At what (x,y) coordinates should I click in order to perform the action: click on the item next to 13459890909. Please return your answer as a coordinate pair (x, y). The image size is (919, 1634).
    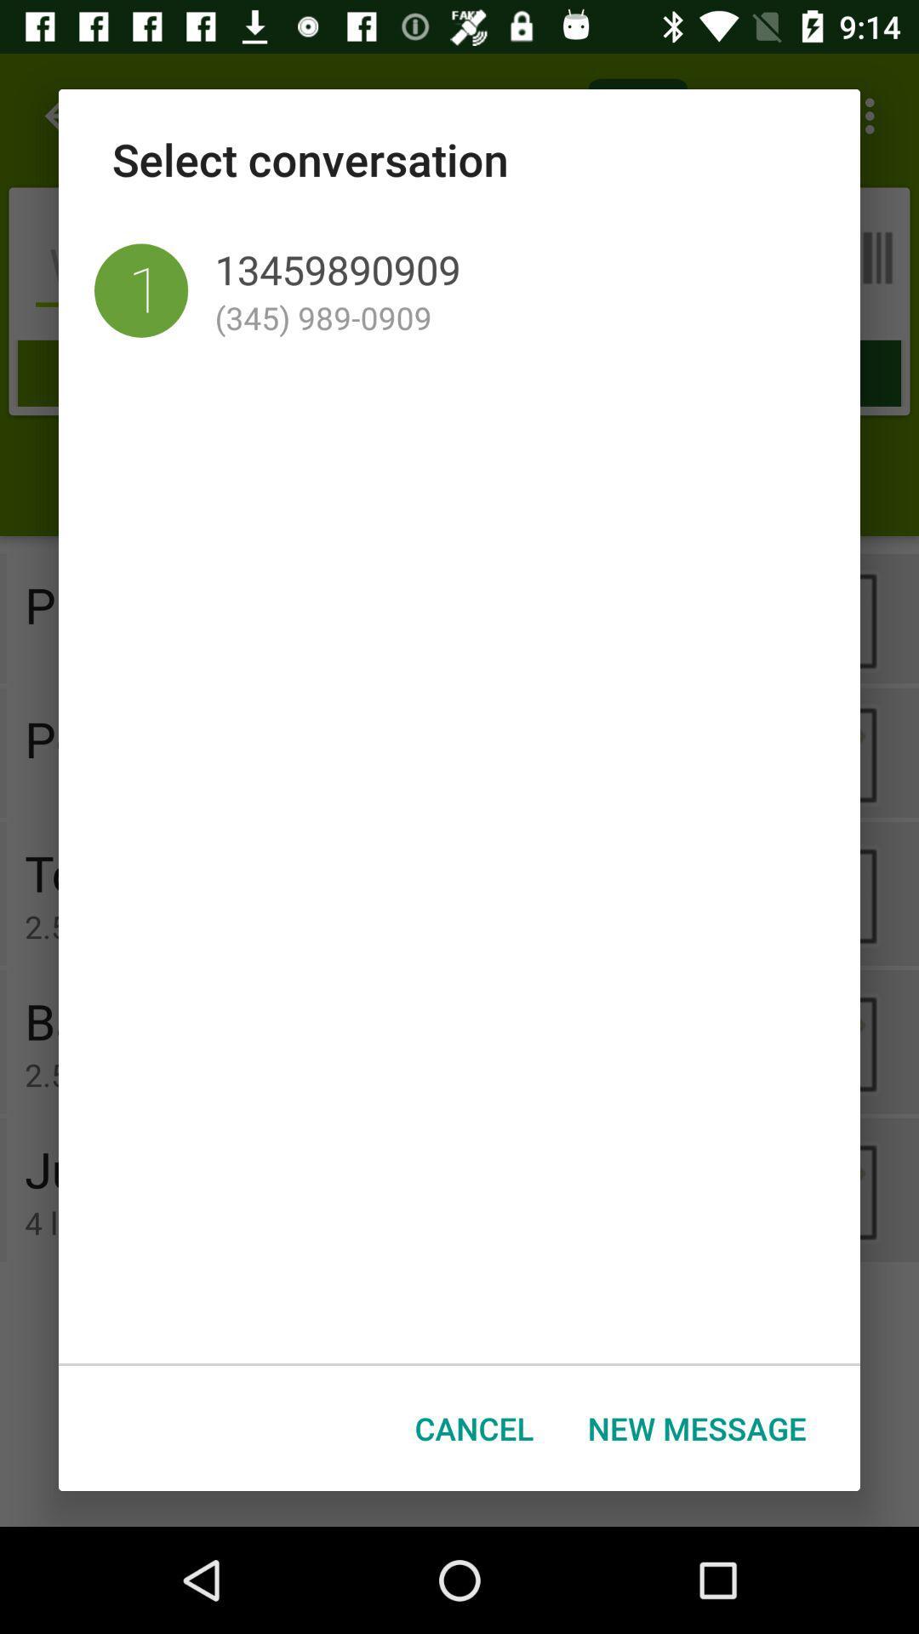
    Looking at the image, I should click on (140, 290).